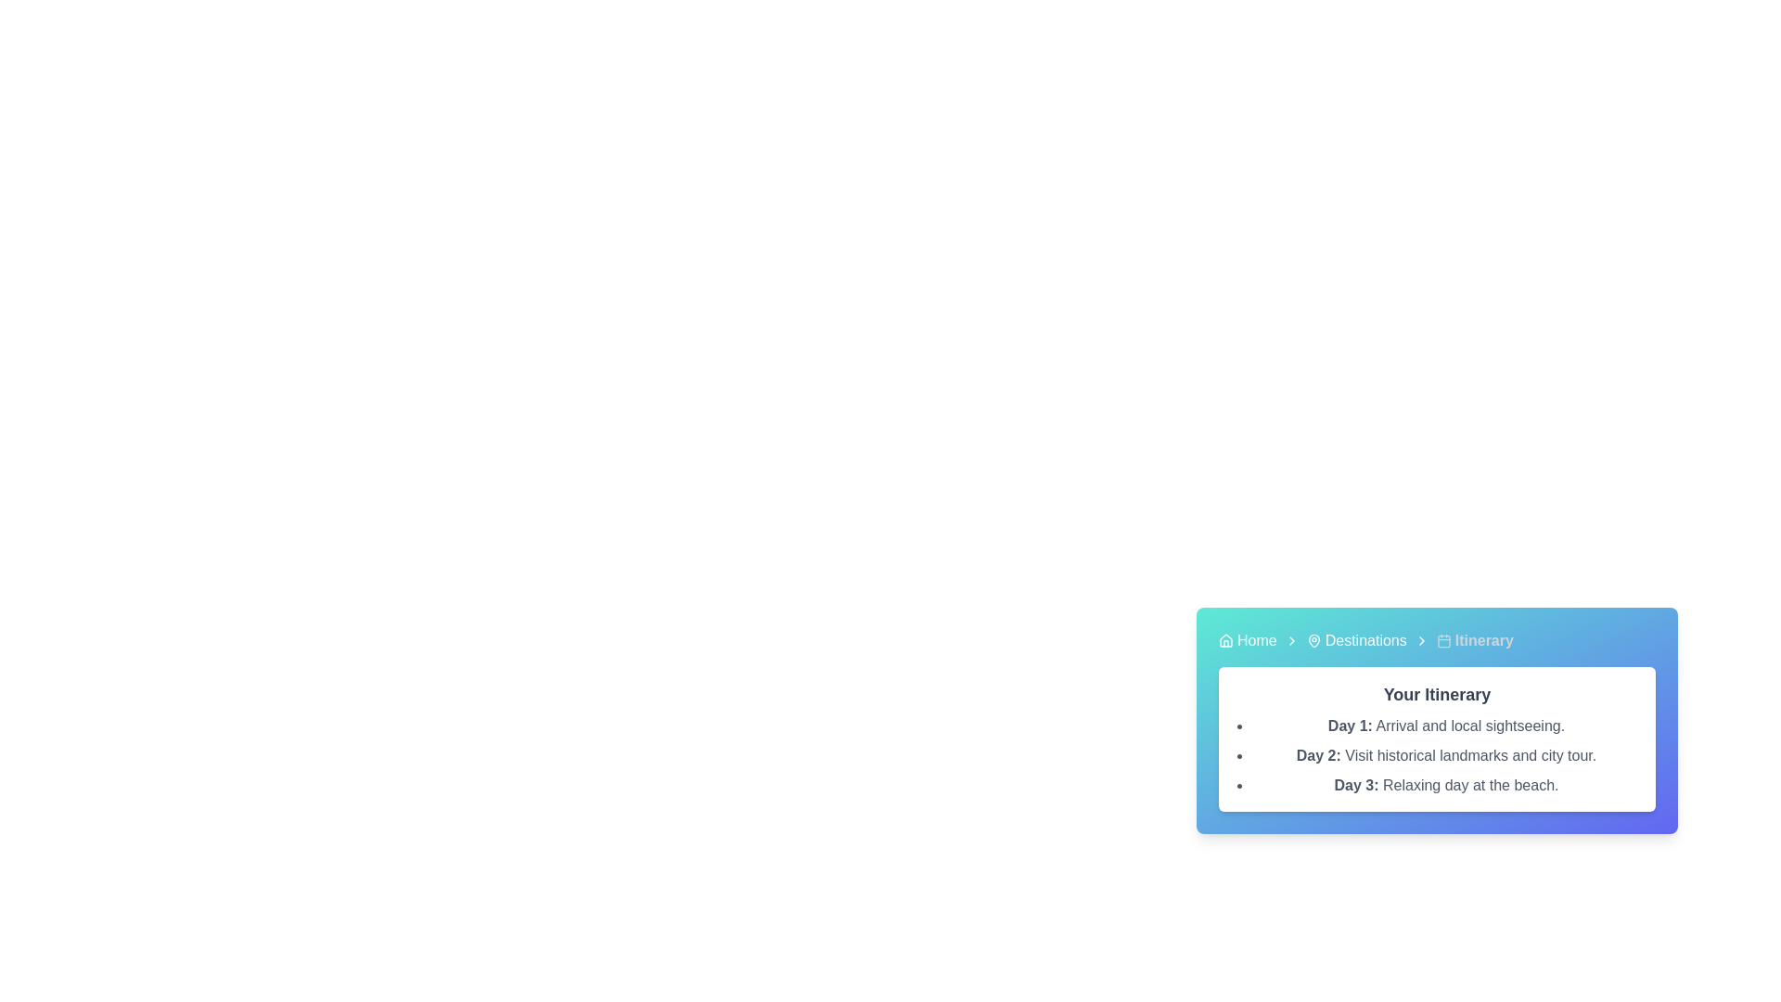 The image size is (1781, 1002). What do you see at coordinates (1445, 726) in the screenshot?
I see `the first itinerary detail under the section heading 'Your Itinerary' which describes the arrival and local sightseeing activities for the first day` at bounding box center [1445, 726].